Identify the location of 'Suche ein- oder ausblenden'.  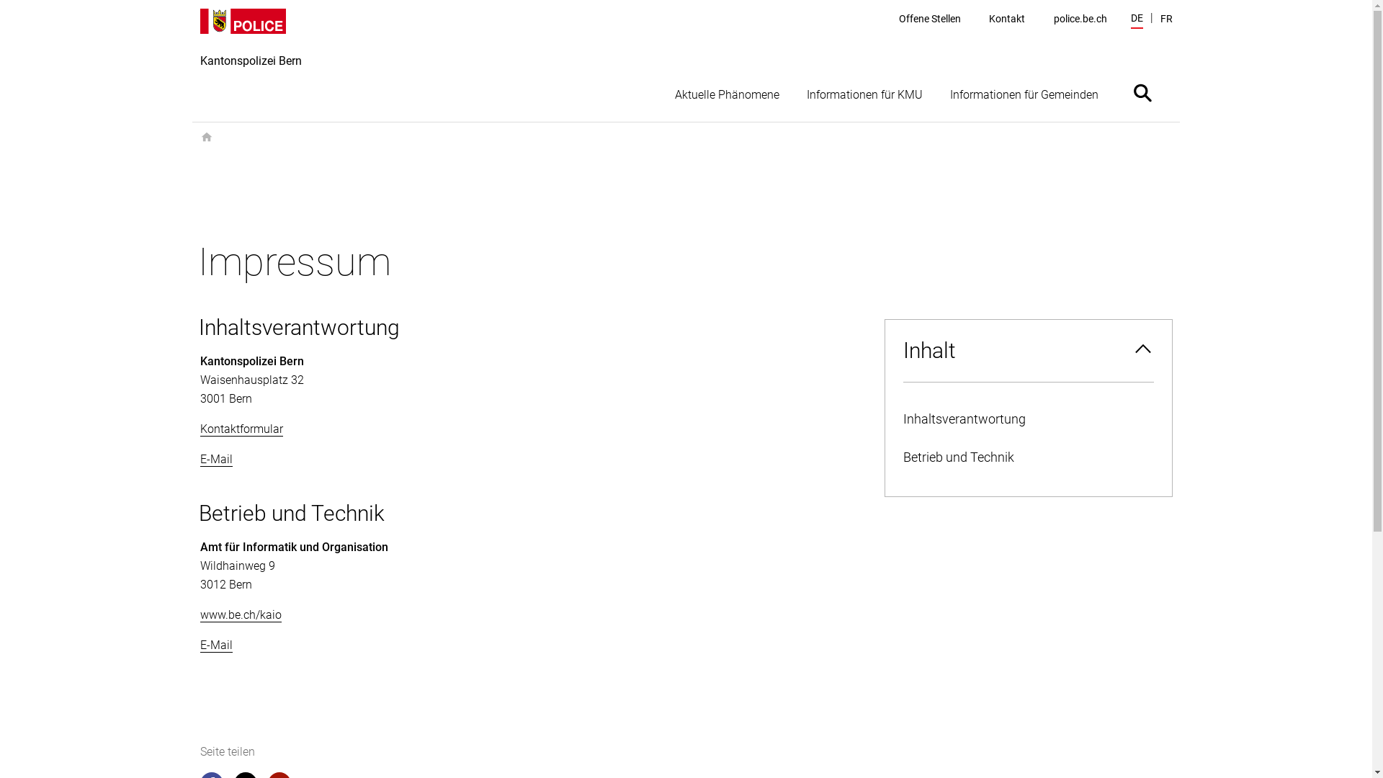
(1141, 92).